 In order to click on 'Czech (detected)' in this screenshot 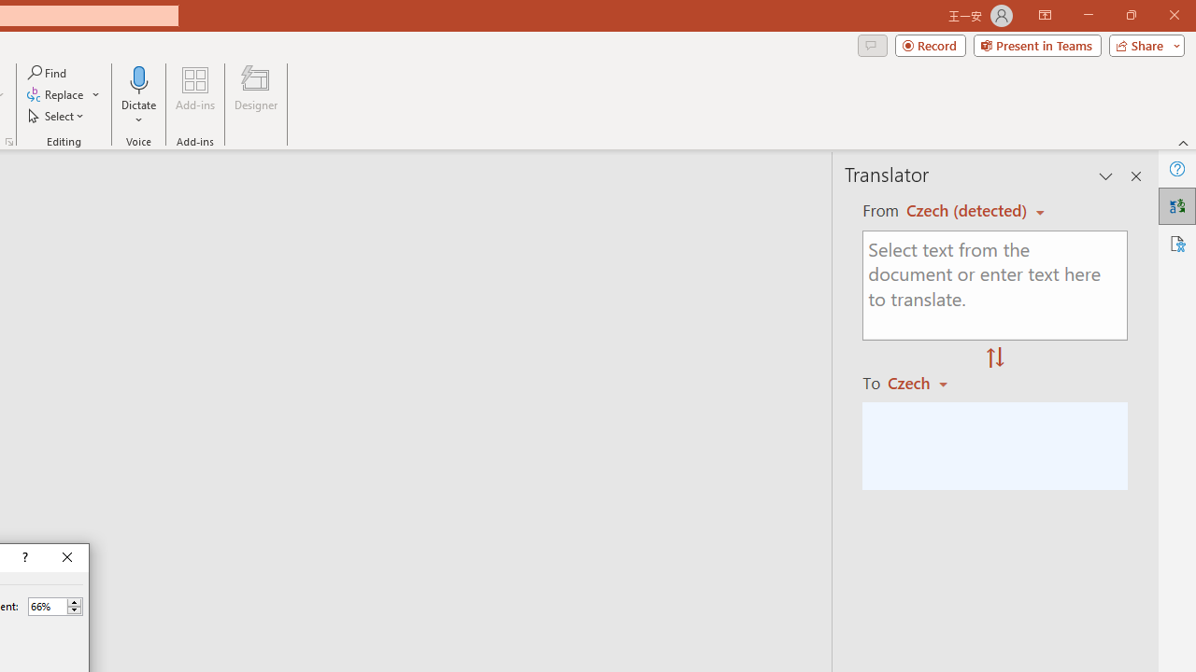, I will do `click(969, 210)`.